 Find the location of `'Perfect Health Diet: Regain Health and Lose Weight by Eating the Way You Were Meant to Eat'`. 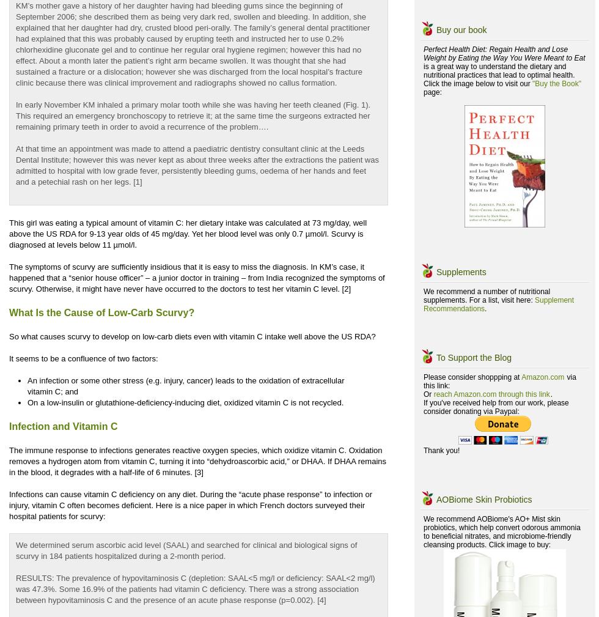

'Perfect Health Diet: Regain Health and Lose Weight by Eating the Way You Were Meant to Eat' is located at coordinates (504, 53).